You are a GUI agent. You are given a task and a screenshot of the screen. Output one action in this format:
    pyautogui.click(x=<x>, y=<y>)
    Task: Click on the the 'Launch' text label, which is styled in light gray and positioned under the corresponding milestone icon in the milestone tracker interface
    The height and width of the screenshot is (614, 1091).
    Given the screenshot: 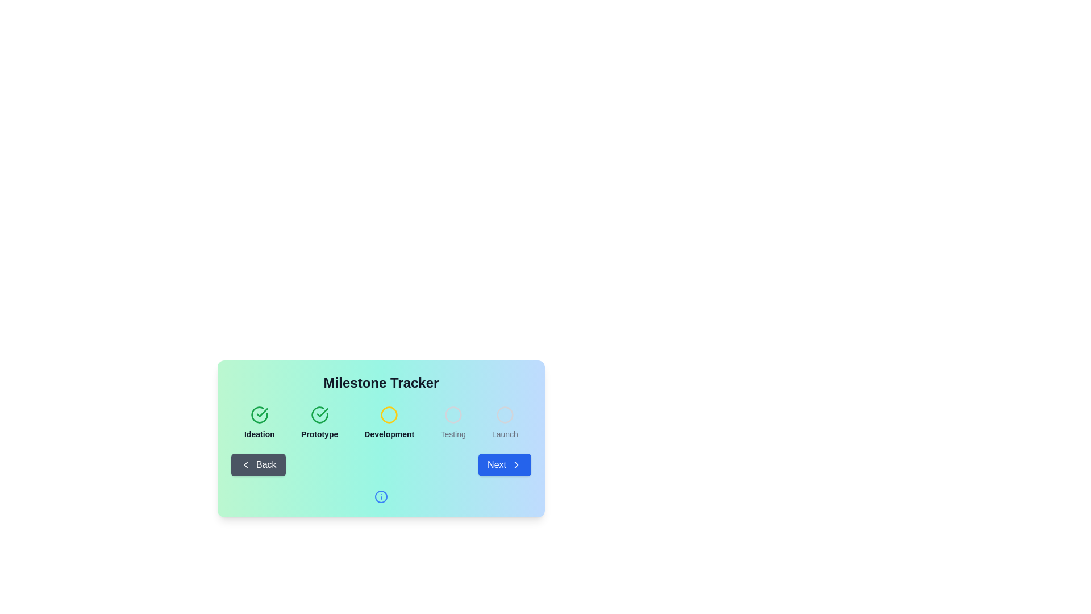 What is the action you would take?
    pyautogui.click(x=504, y=434)
    